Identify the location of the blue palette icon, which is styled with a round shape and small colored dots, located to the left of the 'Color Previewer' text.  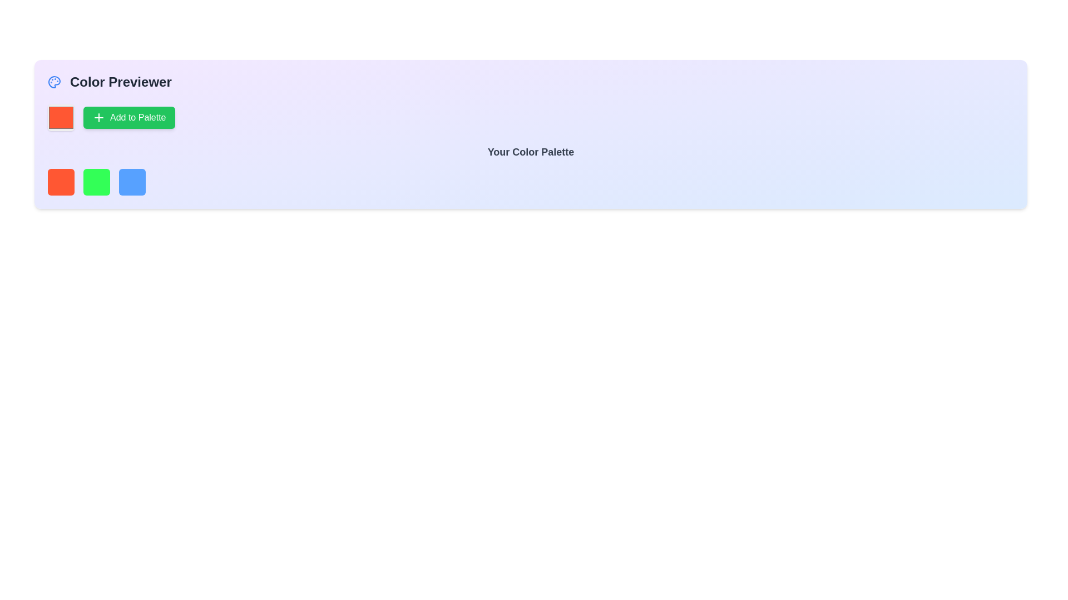
(53, 81).